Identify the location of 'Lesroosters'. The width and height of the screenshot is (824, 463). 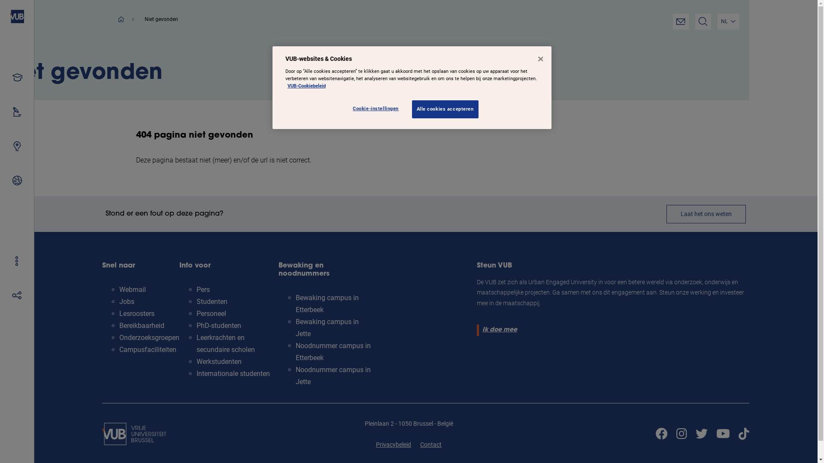
(119, 313).